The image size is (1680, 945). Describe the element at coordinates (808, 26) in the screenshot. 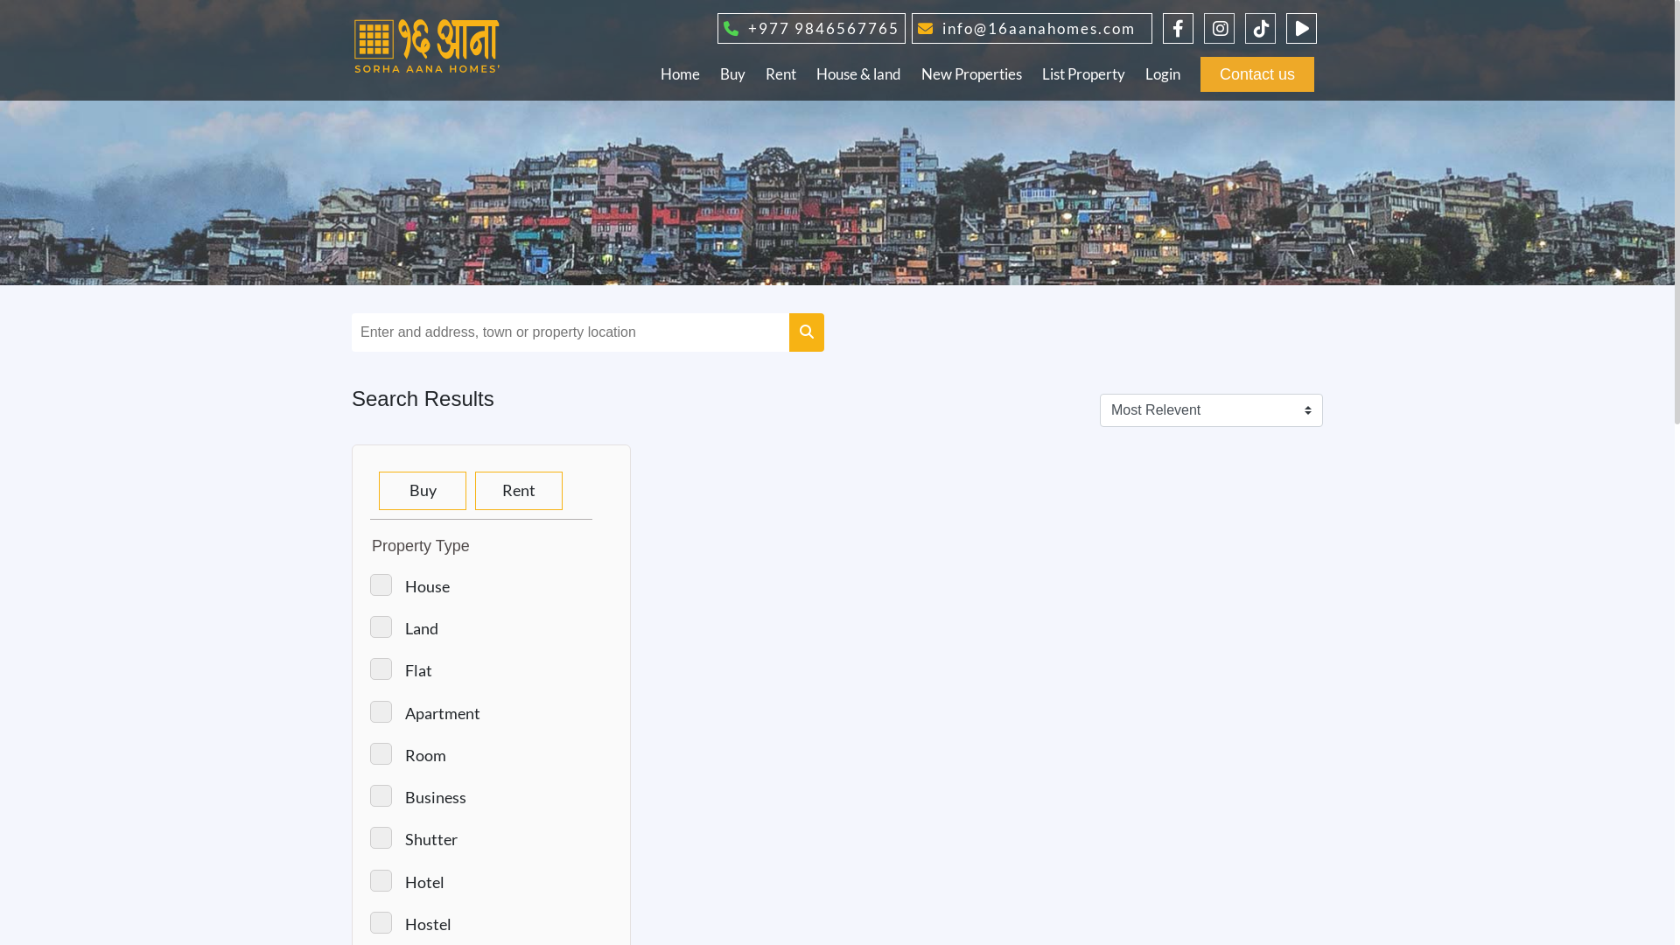

I see `'+977 9846567765'` at that location.